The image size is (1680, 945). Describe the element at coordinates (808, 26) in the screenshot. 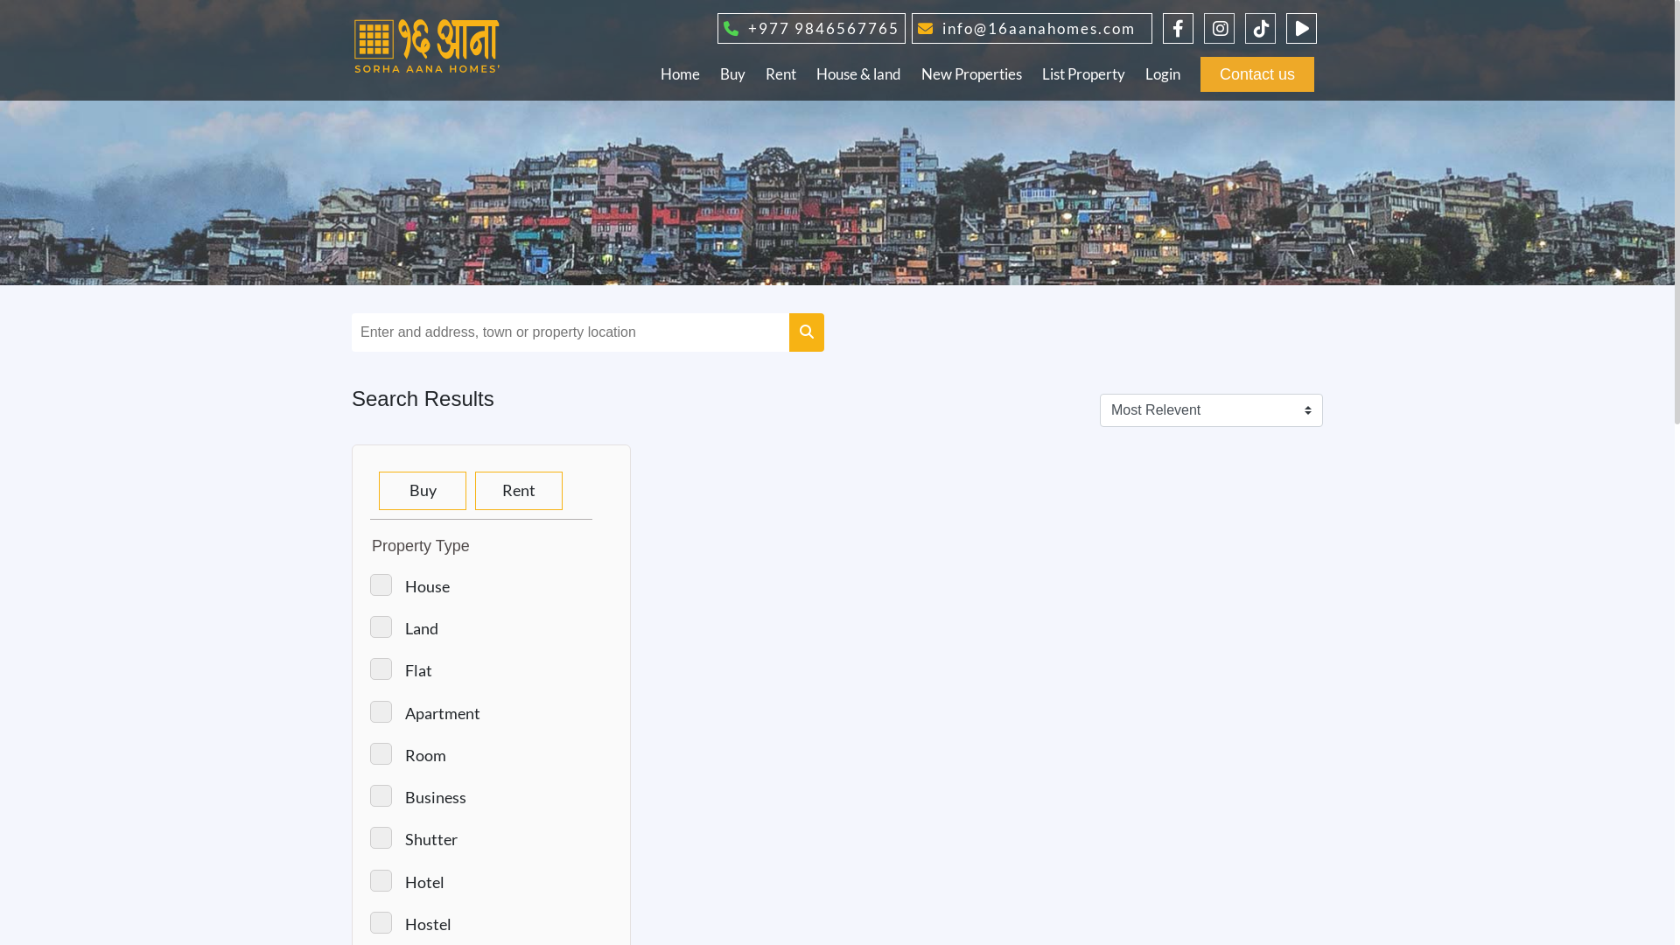

I see `'+977 9846567765'` at that location.